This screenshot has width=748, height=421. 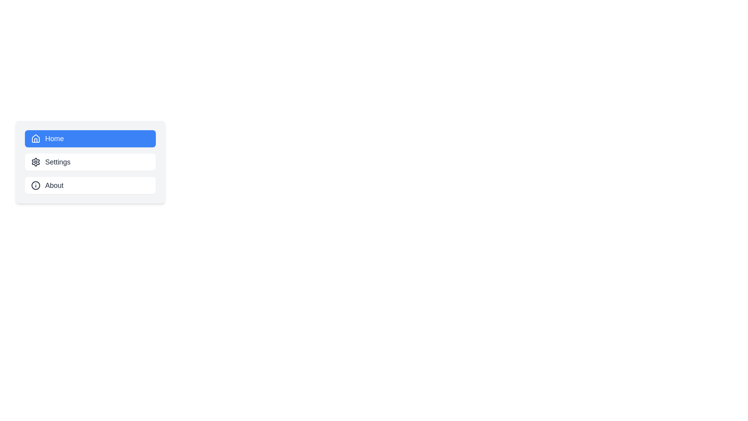 I want to click on the text label that displays 'About', which is styled in bold and dark color, located below the 'Settings' button and to the right of an information symbol icon, so click(x=54, y=185).